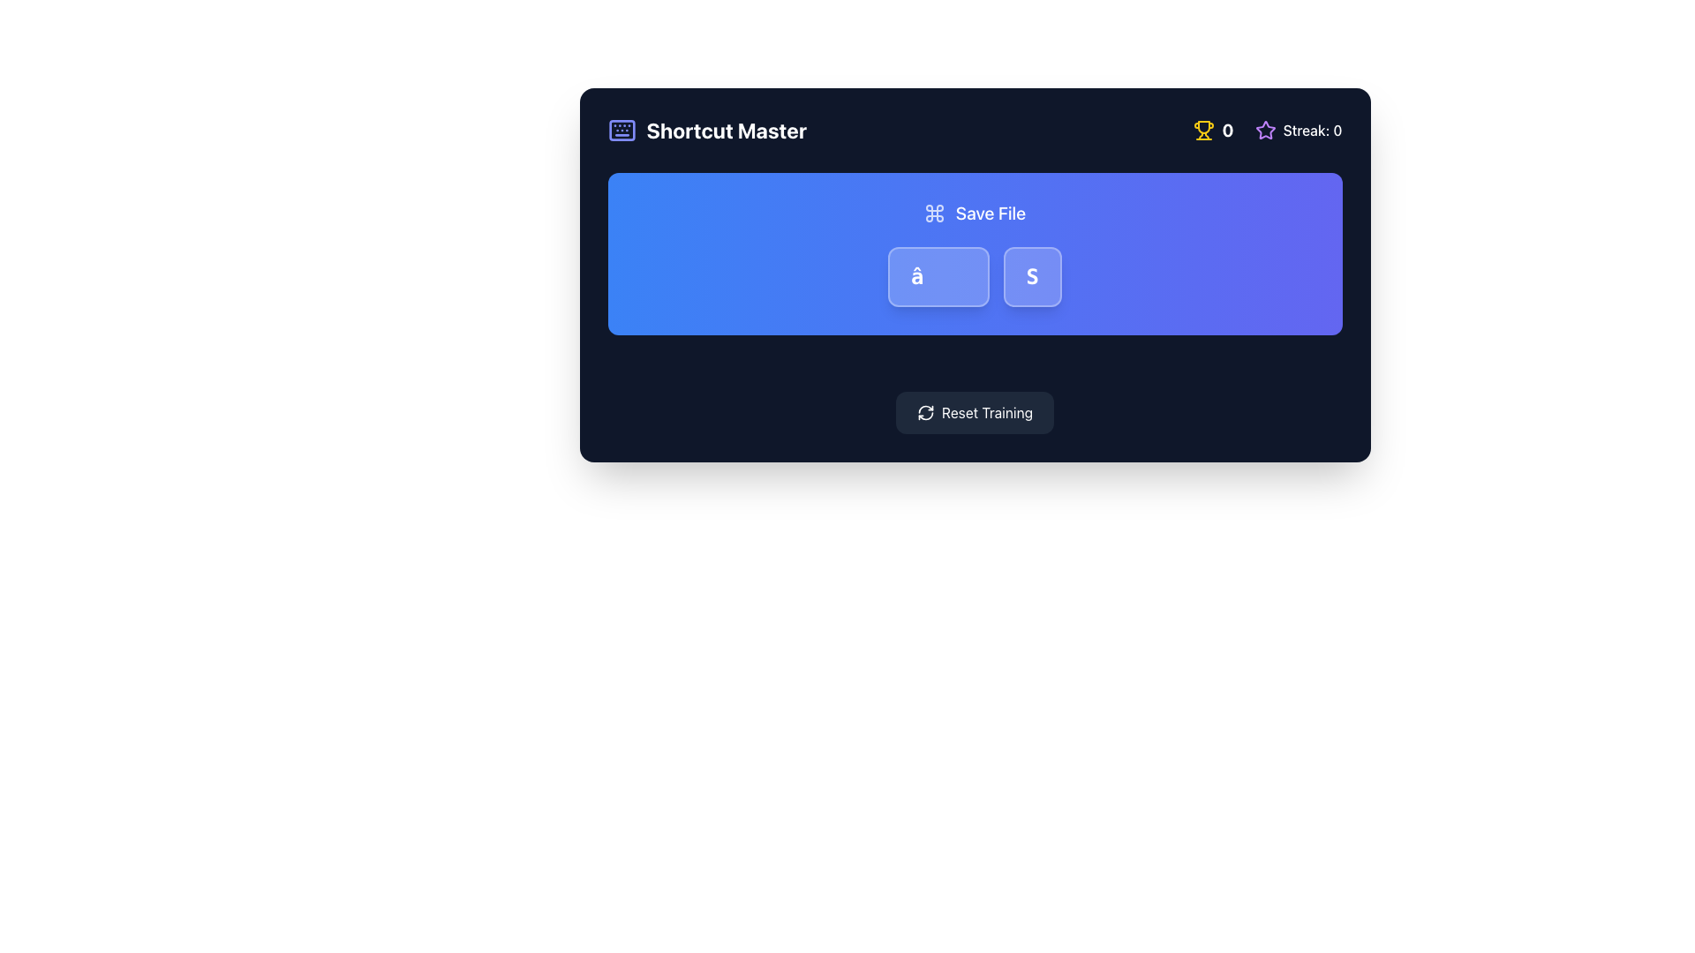  I want to click on the reset button located below the 'Shortcut Master' section, so click(974, 412).